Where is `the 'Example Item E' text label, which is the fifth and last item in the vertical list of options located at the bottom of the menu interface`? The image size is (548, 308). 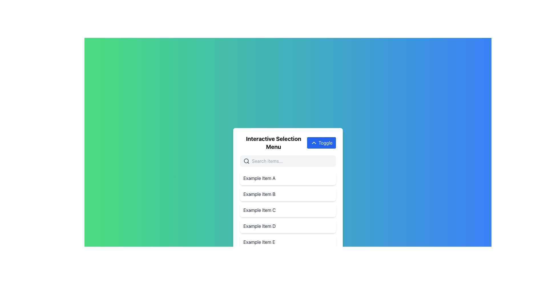 the 'Example Item E' text label, which is the fifth and last item in the vertical list of options located at the bottom of the menu interface is located at coordinates (259, 242).